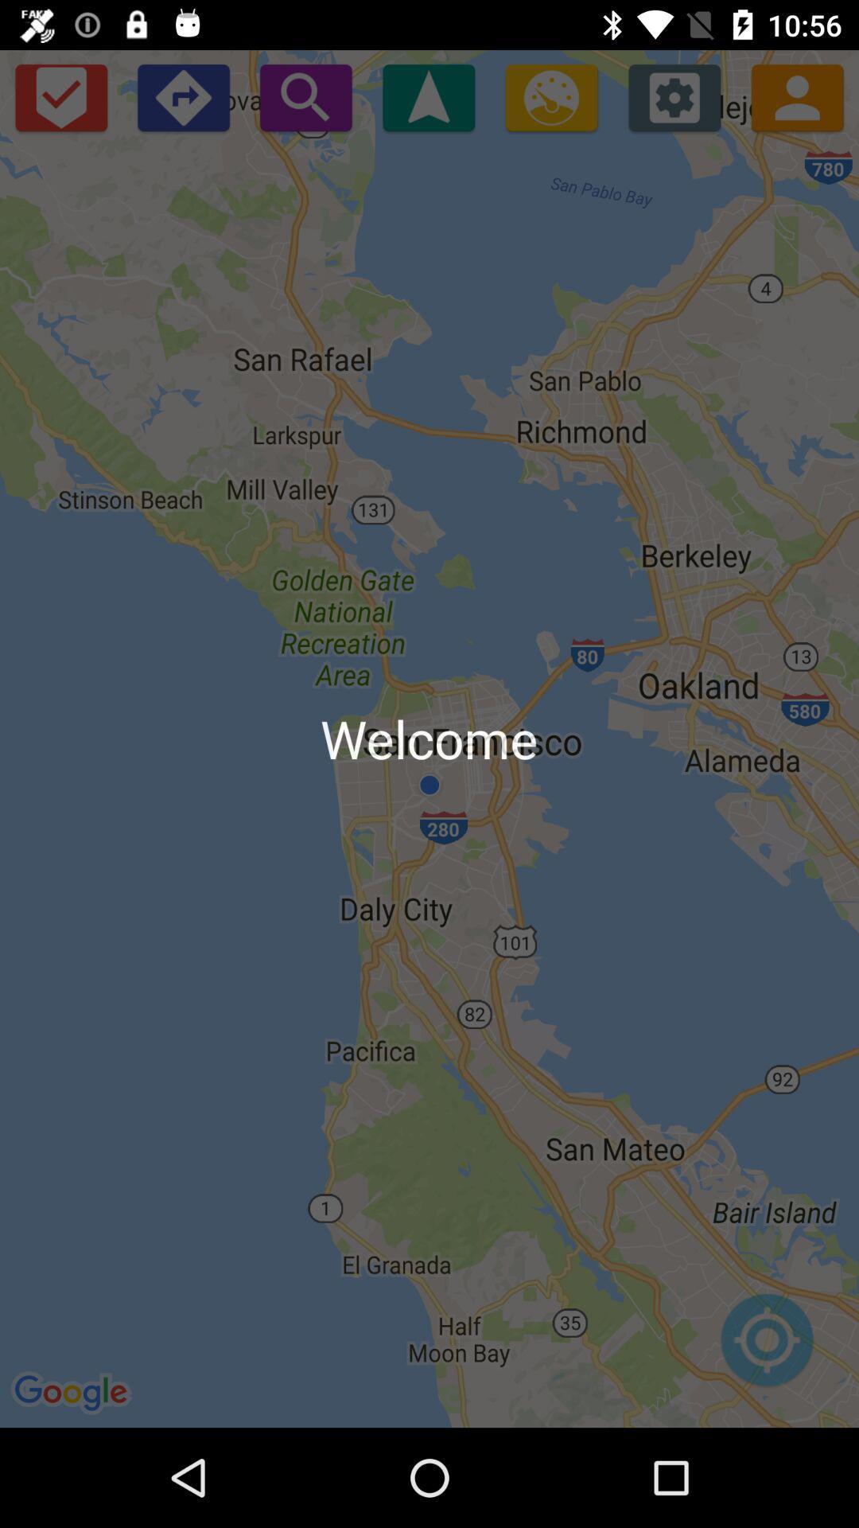 This screenshot has width=859, height=1528. I want to click on start, so click(428, 96).